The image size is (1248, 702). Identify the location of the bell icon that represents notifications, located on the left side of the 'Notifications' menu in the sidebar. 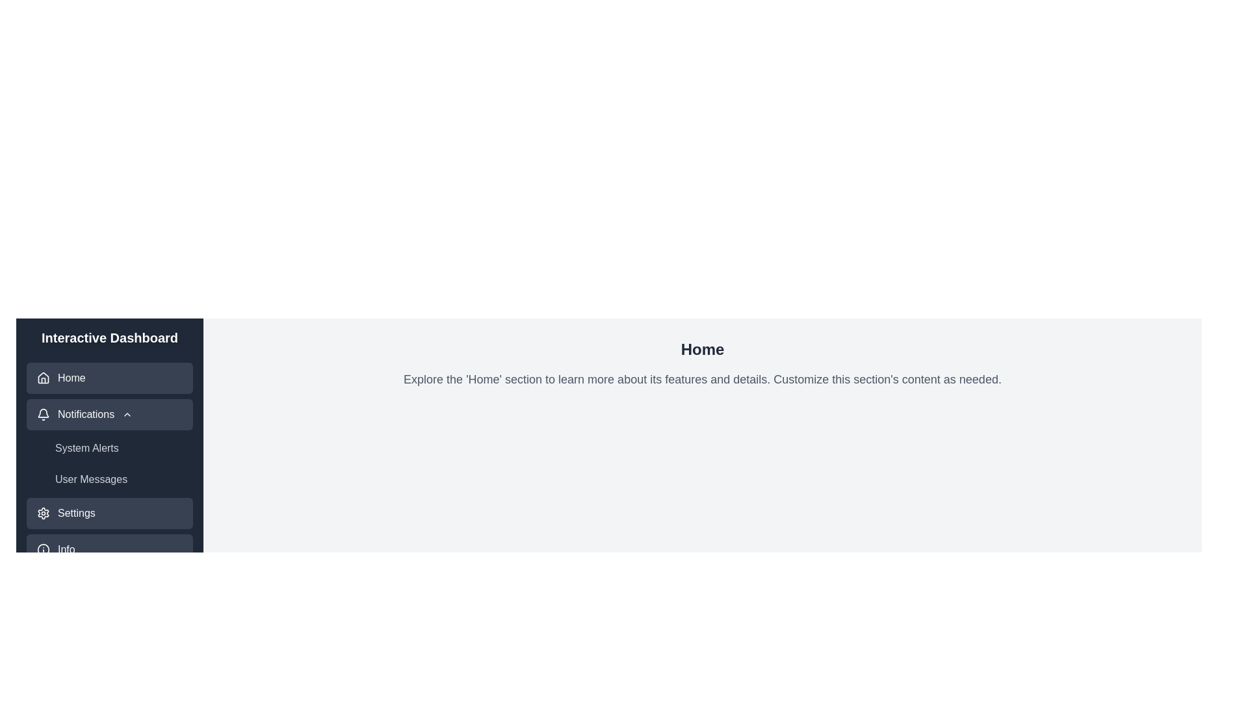
(44, 414).